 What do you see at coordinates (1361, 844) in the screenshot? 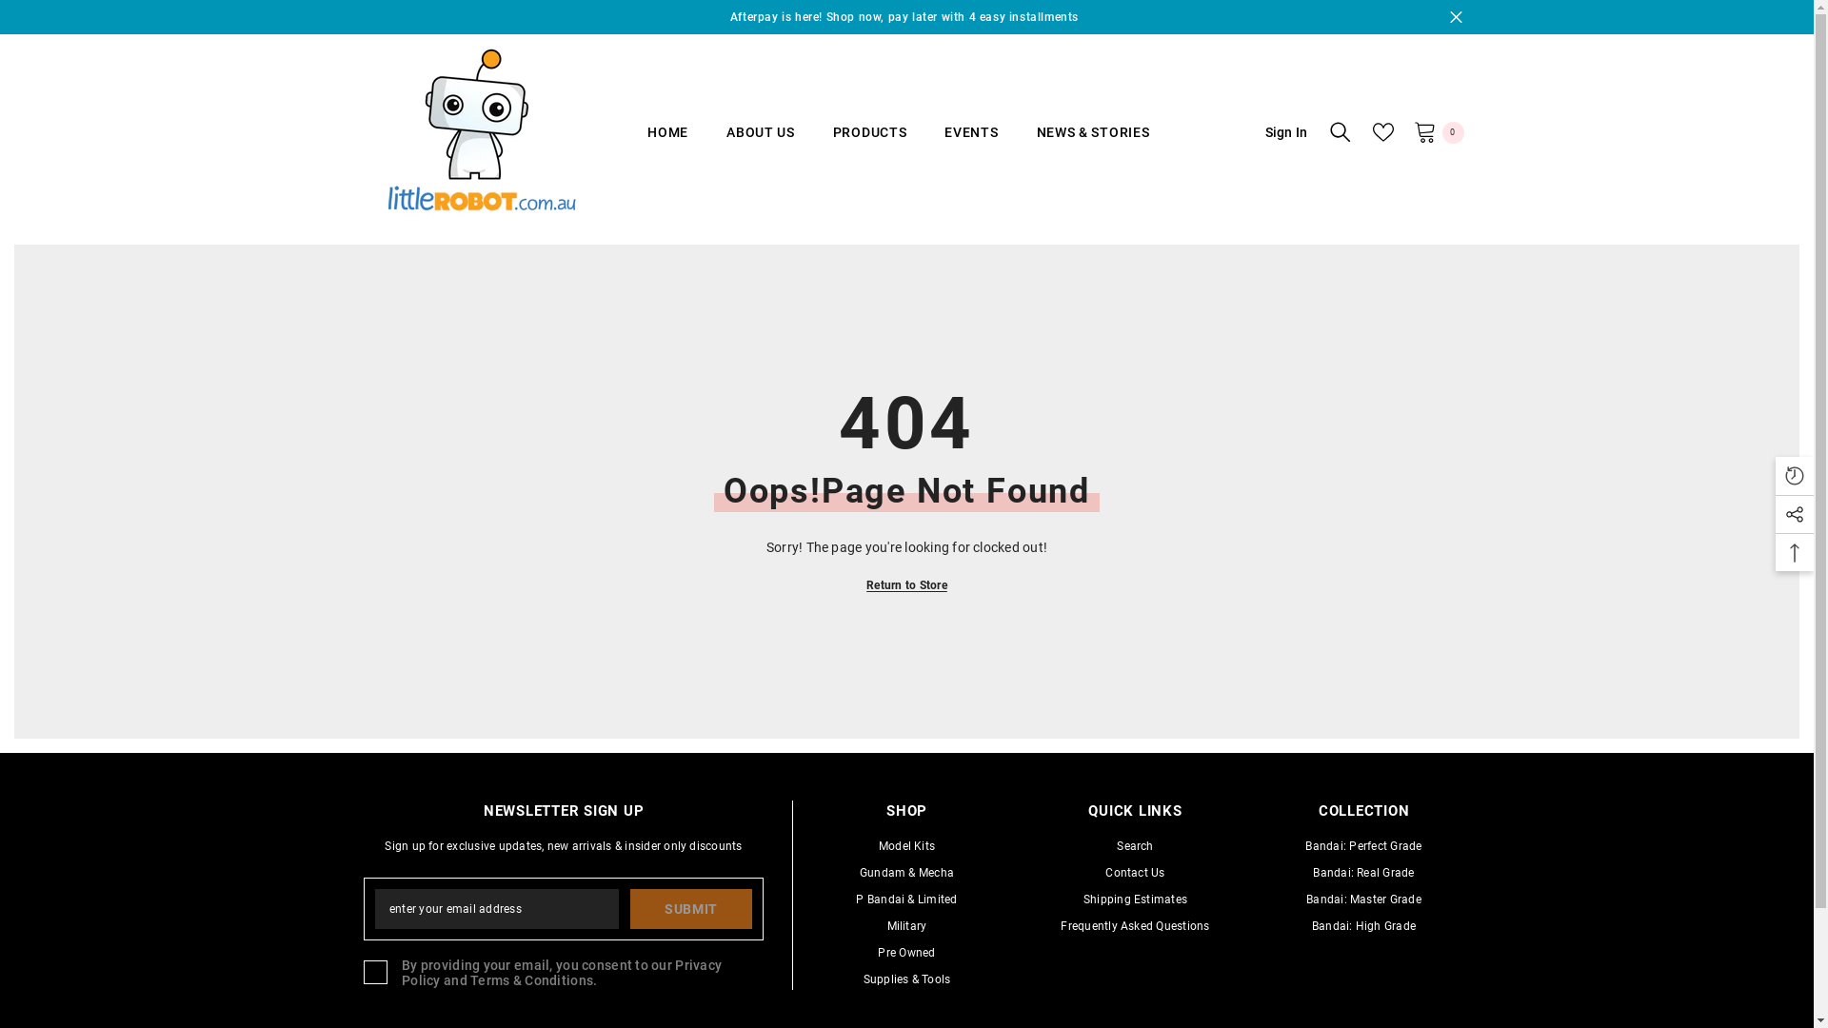
I see `'Bandai: Perfect Grade'` at bounding box center [1361, 844].